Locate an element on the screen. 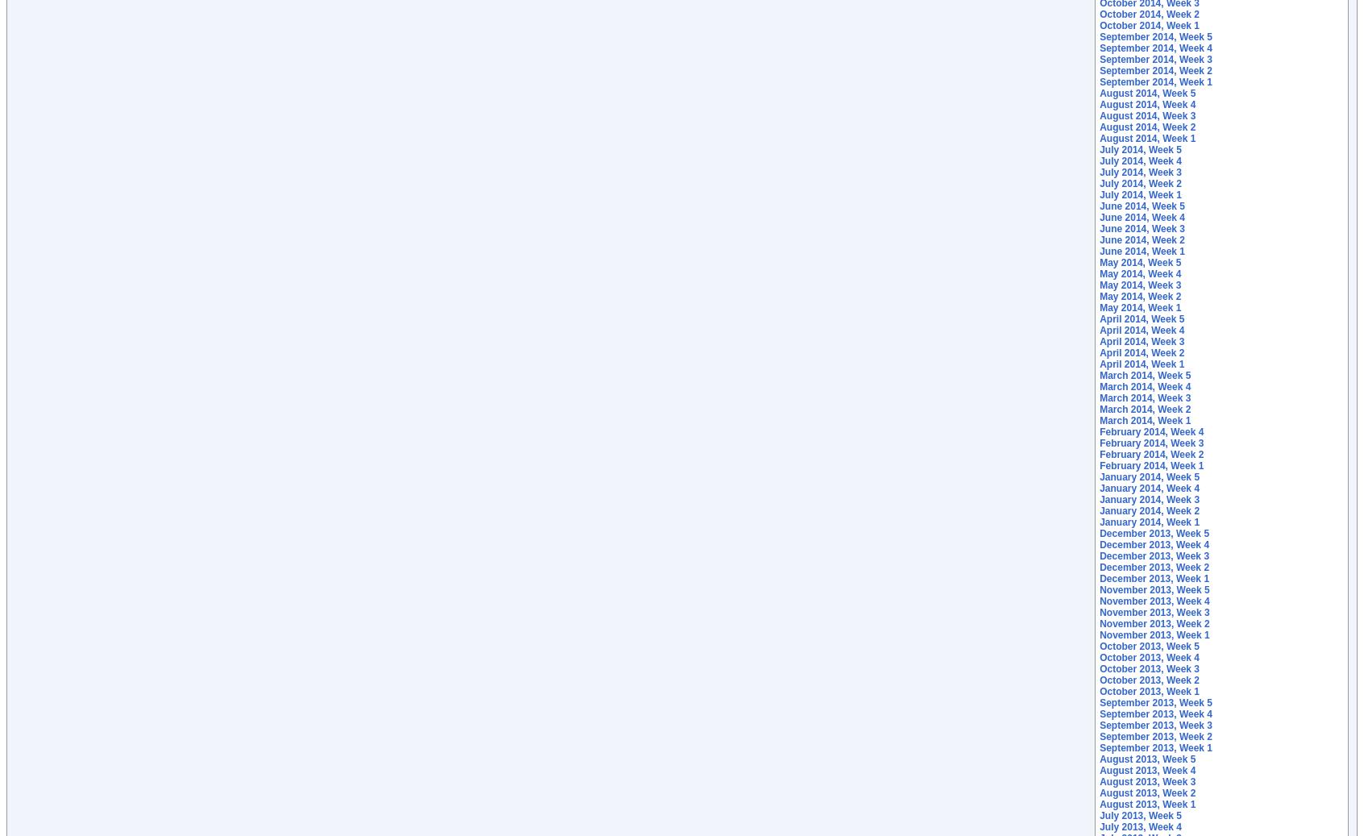 The image size is (1364, 836). 'May 2014, Week 1' is located at coordinates (1139, 307).